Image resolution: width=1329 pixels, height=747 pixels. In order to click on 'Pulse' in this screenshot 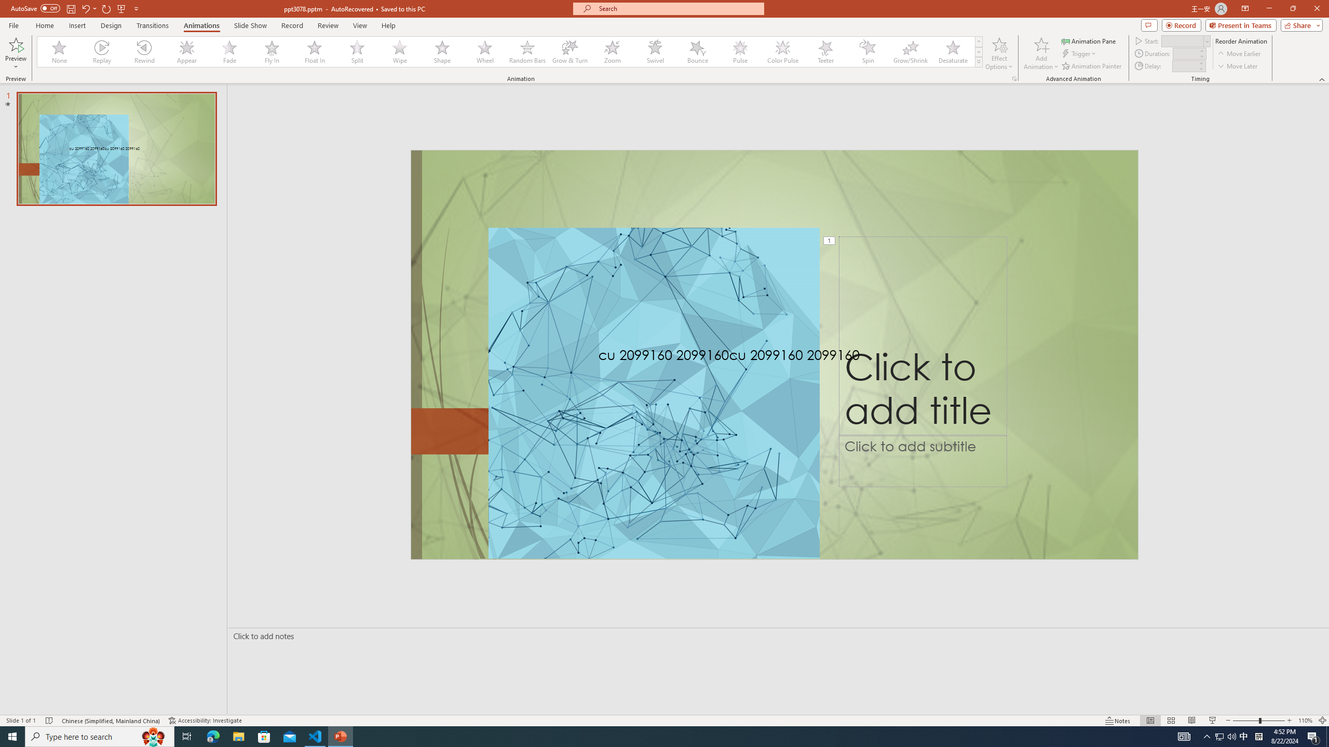, I will do `click(739, 51)`.